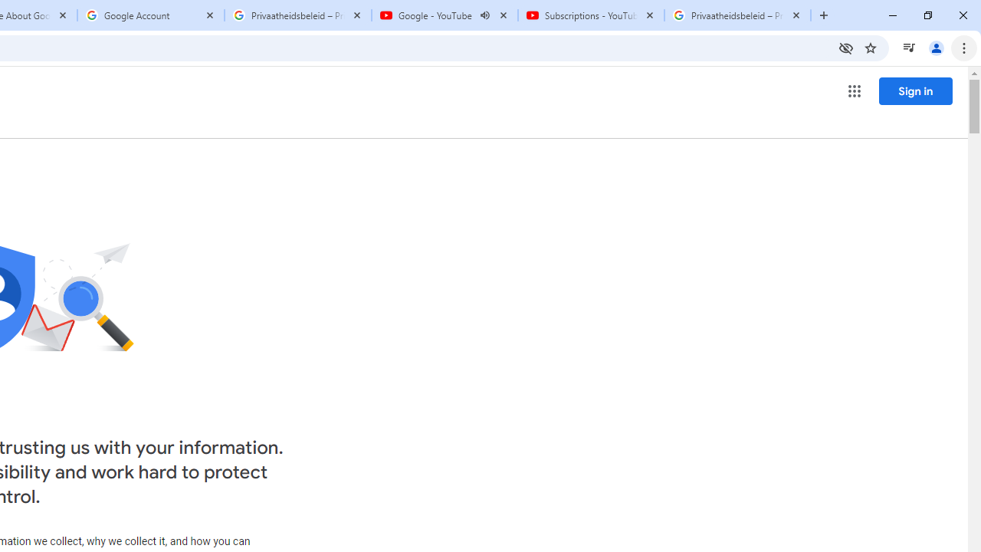  What do you see at coordinates (484, 15) in the screenshot?
I see `'Mute tab'` at bounding box center [484, 15].